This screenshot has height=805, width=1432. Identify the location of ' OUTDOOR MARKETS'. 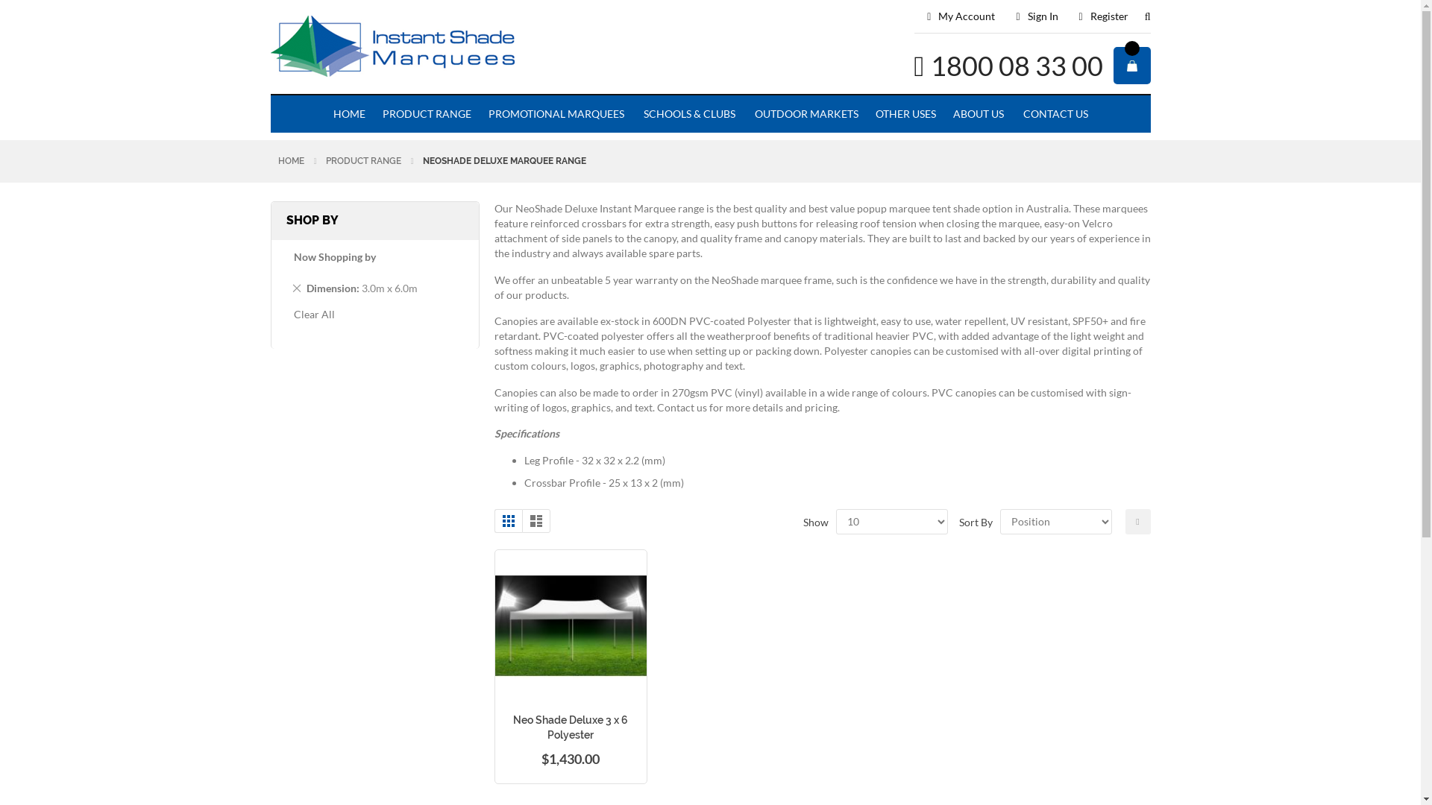
(804, 113).